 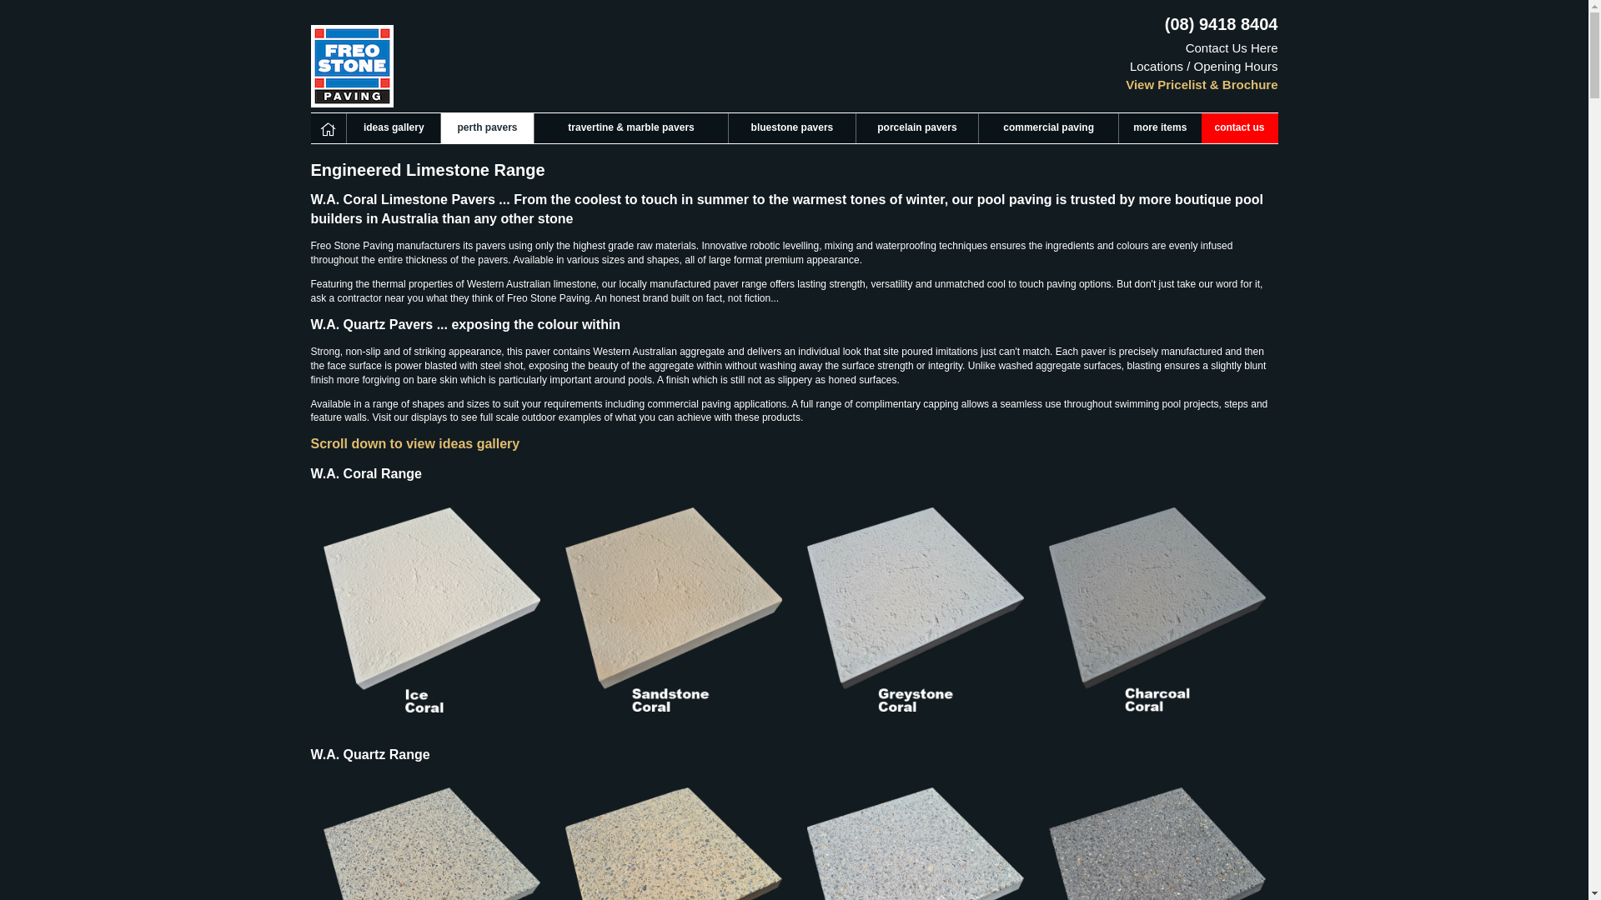 What do you see at coordinates (728, 127) in the screenshot?
I see `'bluestone pavers'` at bounding box center [728, 127].